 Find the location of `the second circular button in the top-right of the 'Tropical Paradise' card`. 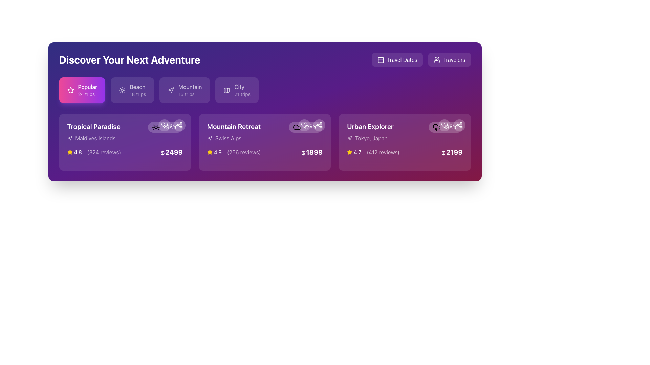

the second circular button in the top-right of the 'Tropical Paradise' card is located at coordinates (172, 125).